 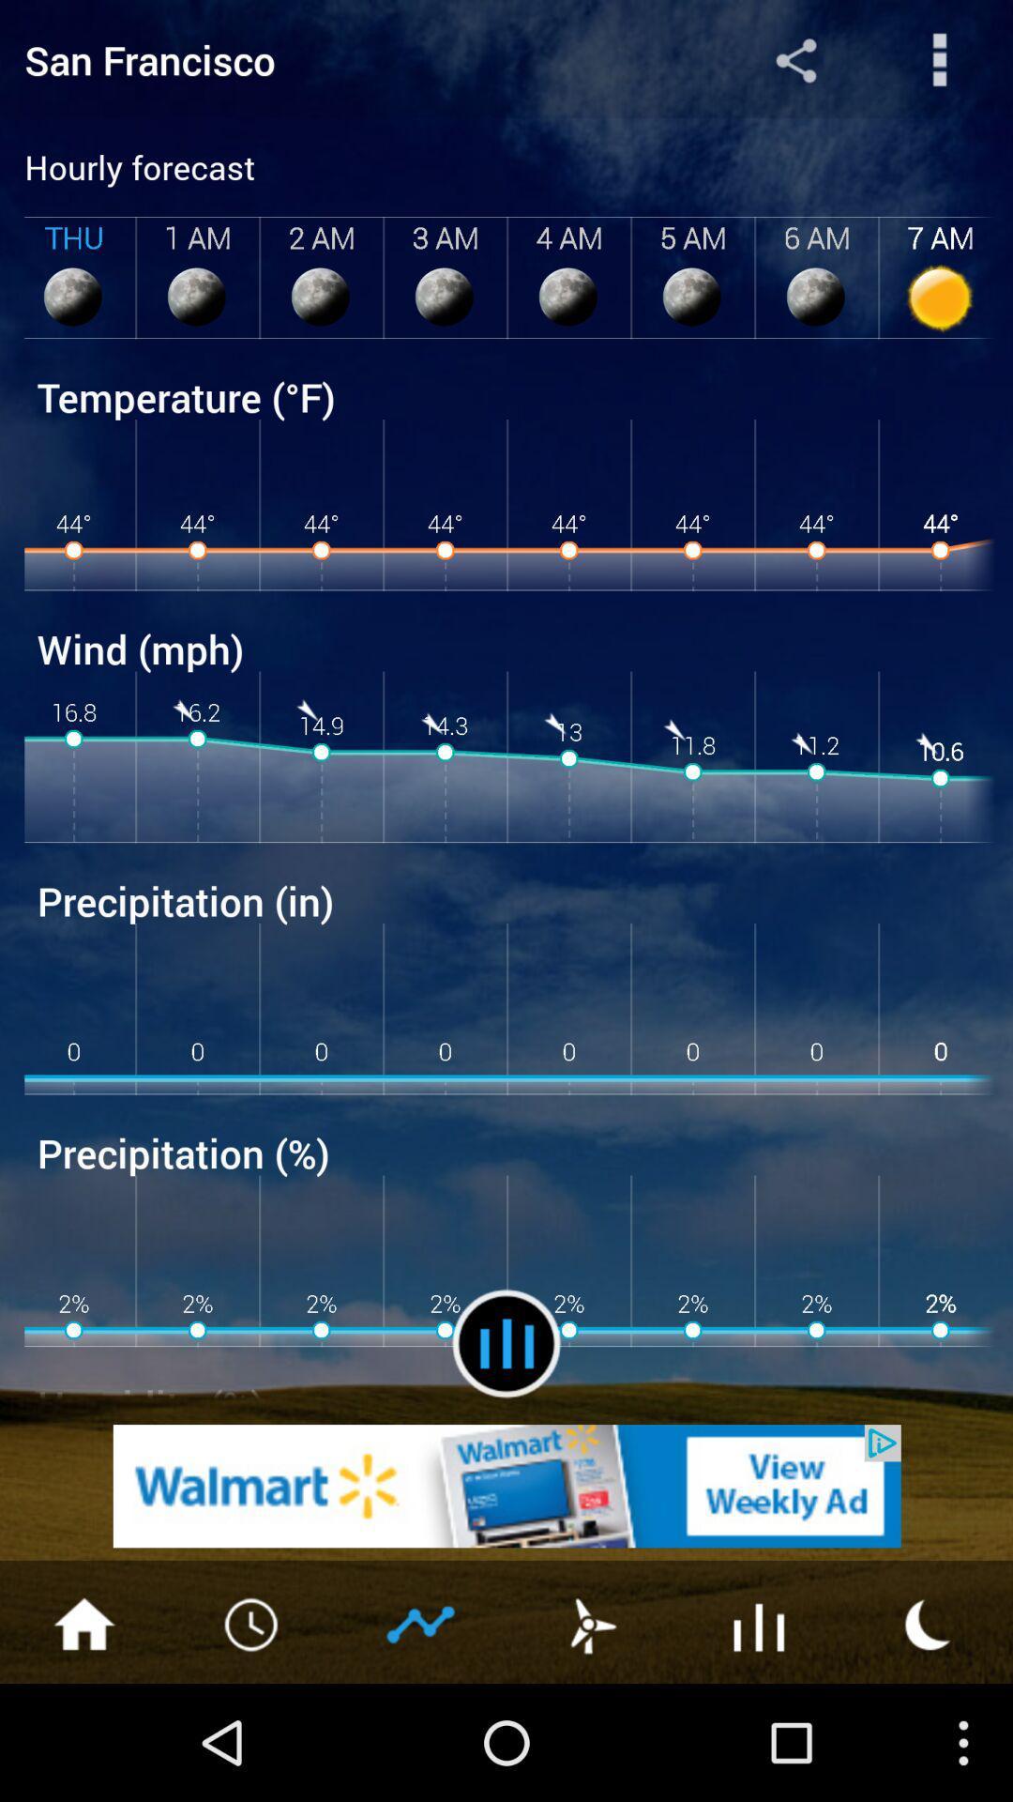 I want to click on next, so click(x=422, y=1622).